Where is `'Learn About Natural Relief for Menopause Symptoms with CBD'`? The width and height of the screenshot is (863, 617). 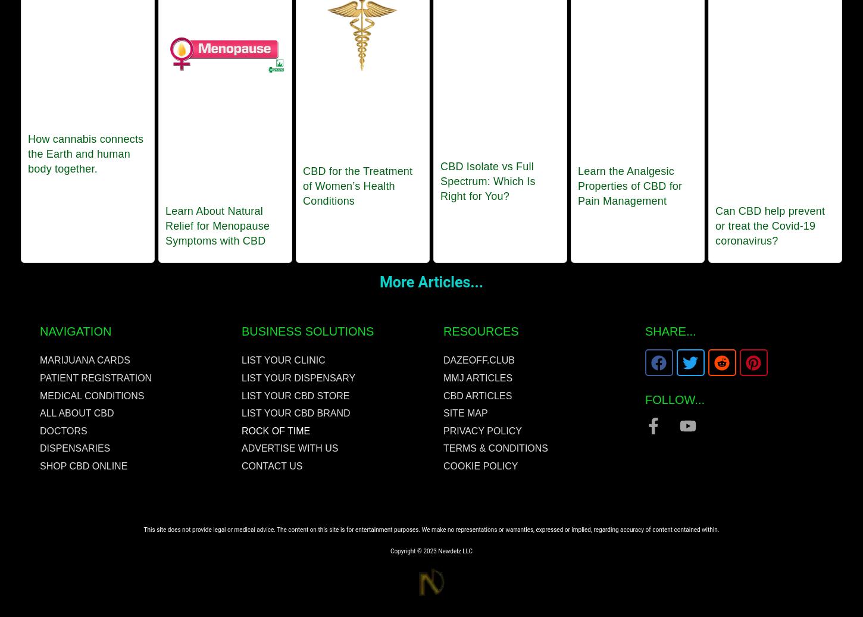 'Learn About Natural Relief for Menopause Symptoms with CBD' is located at coordinates (217, 225).